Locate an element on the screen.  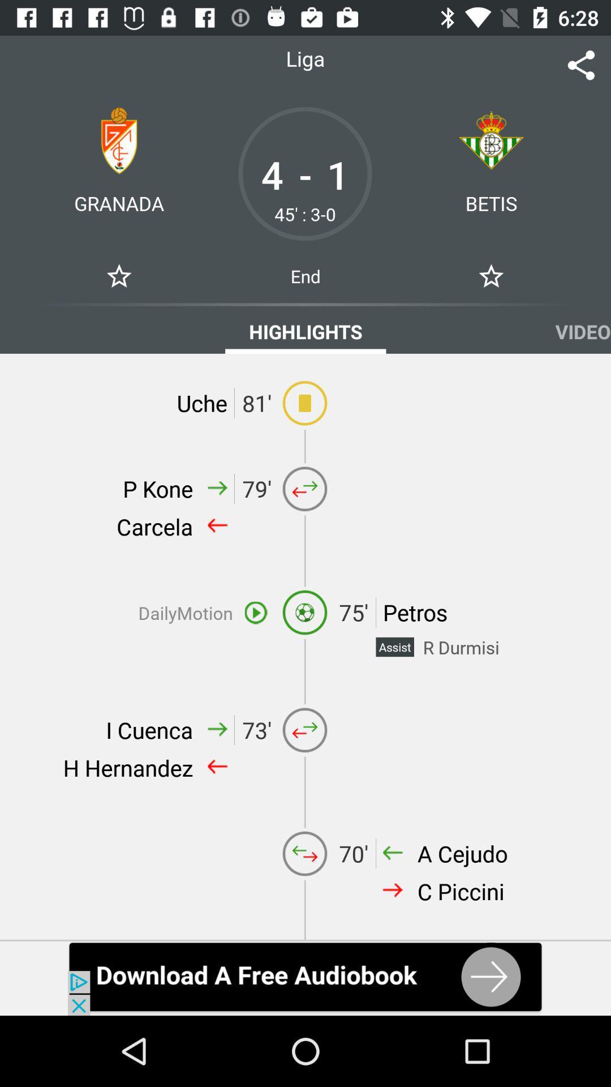
click the share option is located at coordinates (581, 65).